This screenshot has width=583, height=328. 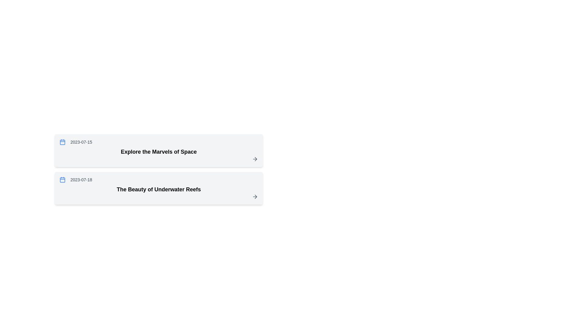 I want to click on the right-pointing arrow icon button located at the far-right side of the content card titled 'The Beauty of Underwater Reefs', so click(x=255, y=197).